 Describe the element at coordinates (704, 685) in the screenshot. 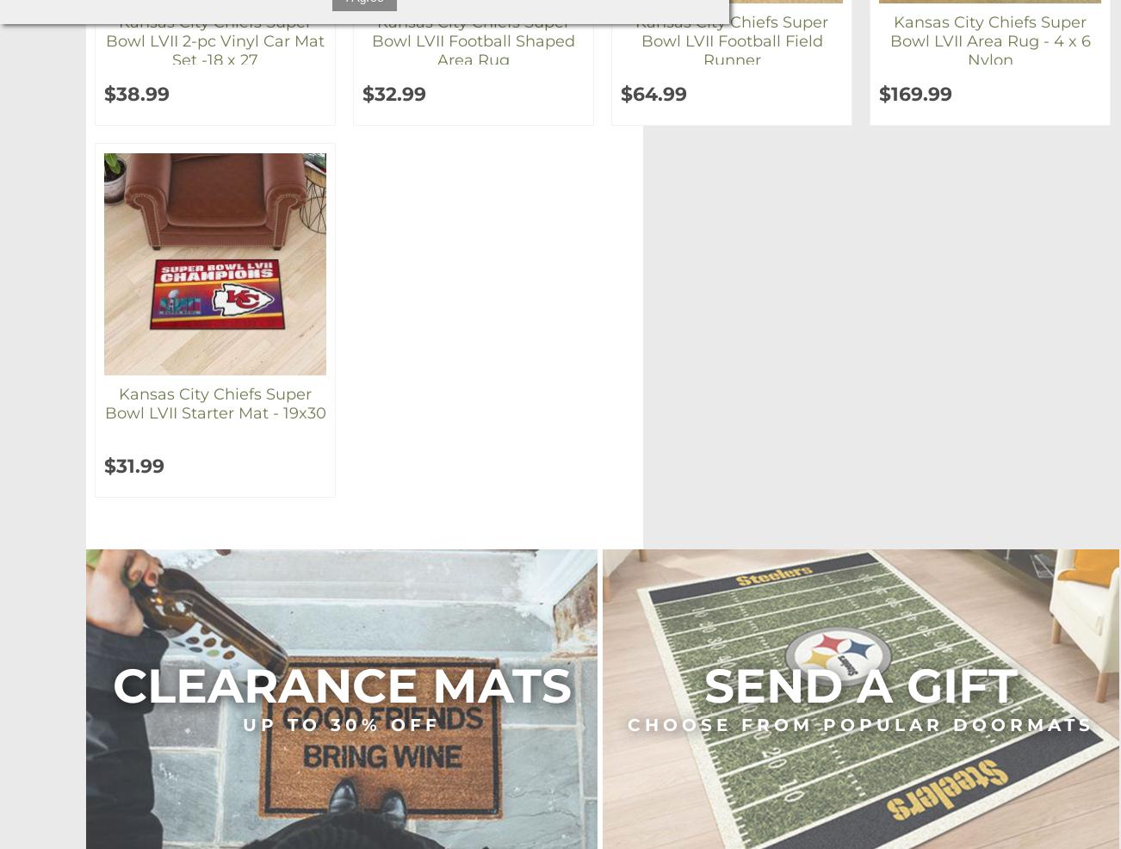

I see `'Send a Gift'` at that location.